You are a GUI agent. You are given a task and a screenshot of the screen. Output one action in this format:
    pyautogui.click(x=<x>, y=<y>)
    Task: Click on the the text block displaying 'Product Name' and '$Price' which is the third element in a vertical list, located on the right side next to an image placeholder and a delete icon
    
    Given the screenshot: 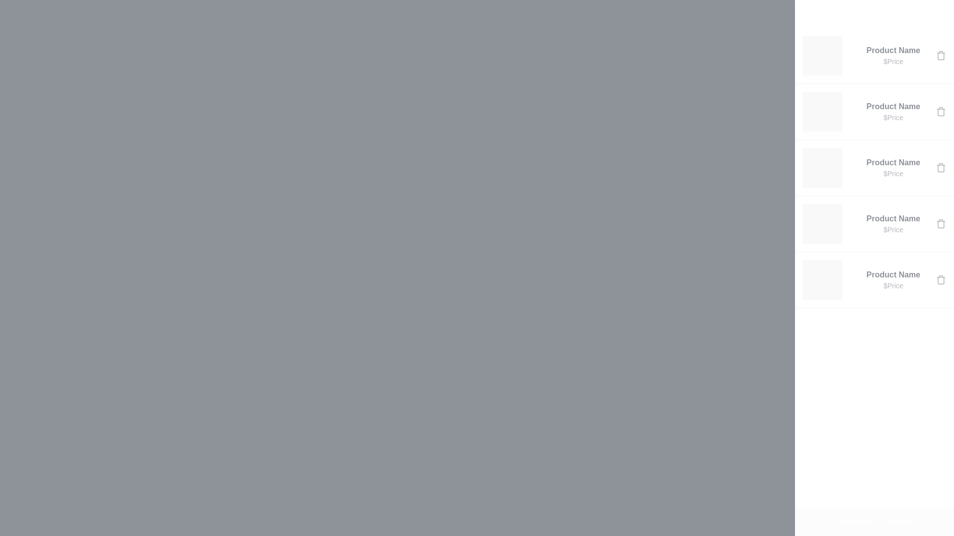 What is the action you would take?
    pyautogui.click(x=893, y=167)
    